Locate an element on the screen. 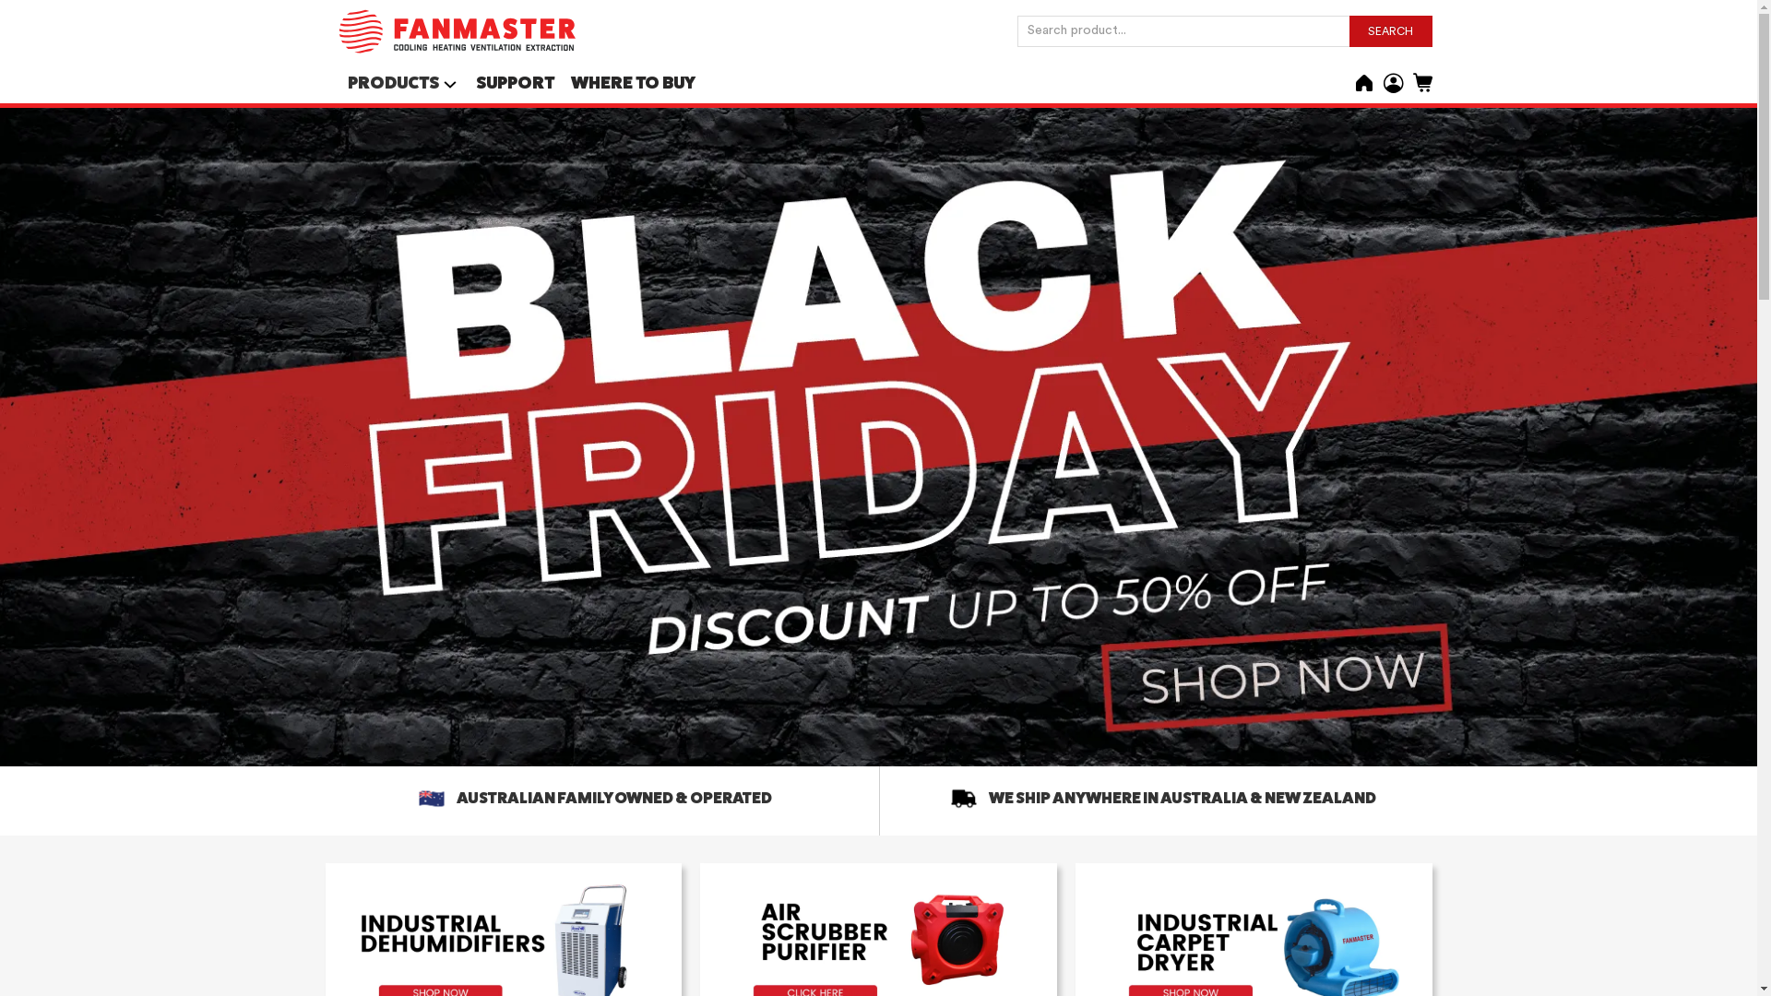 Image resolution: width=1771 pixels, height=996 pixels. 'PRODUCTS' is located at coordinates (392, 81).